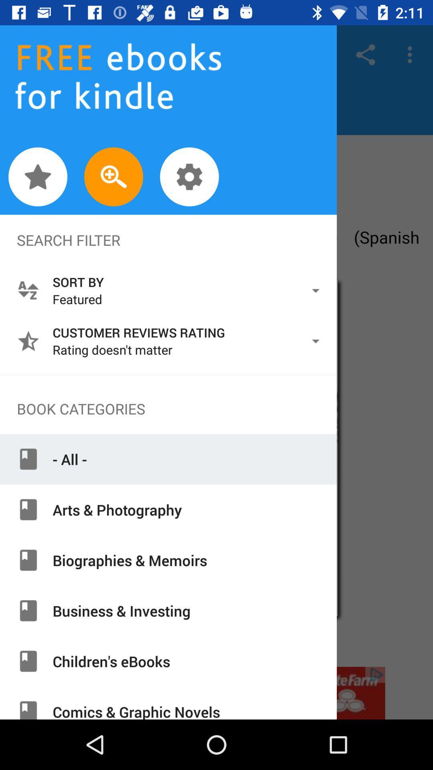 This screenshot has width=433, height=770. What do you see at coordinates (412, 54) in the screenshot?
I see `the more icon` at bounding box center [412, 54].